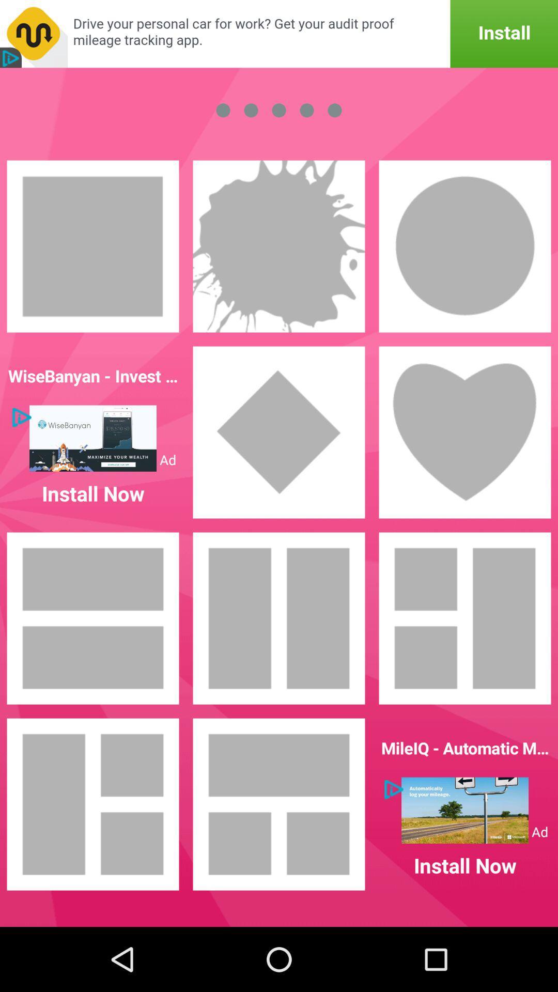  I want to click on choose the circle picture frame, so click(464, 245).